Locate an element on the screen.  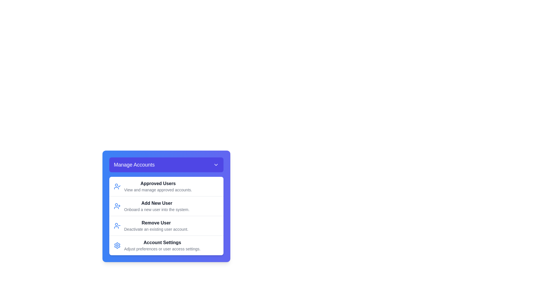
static text element that states 'View and manage approved accounts.' located directly below the 'Approved Users' header in the 'Manage Accounts' section is located at coordinates (158, 190).